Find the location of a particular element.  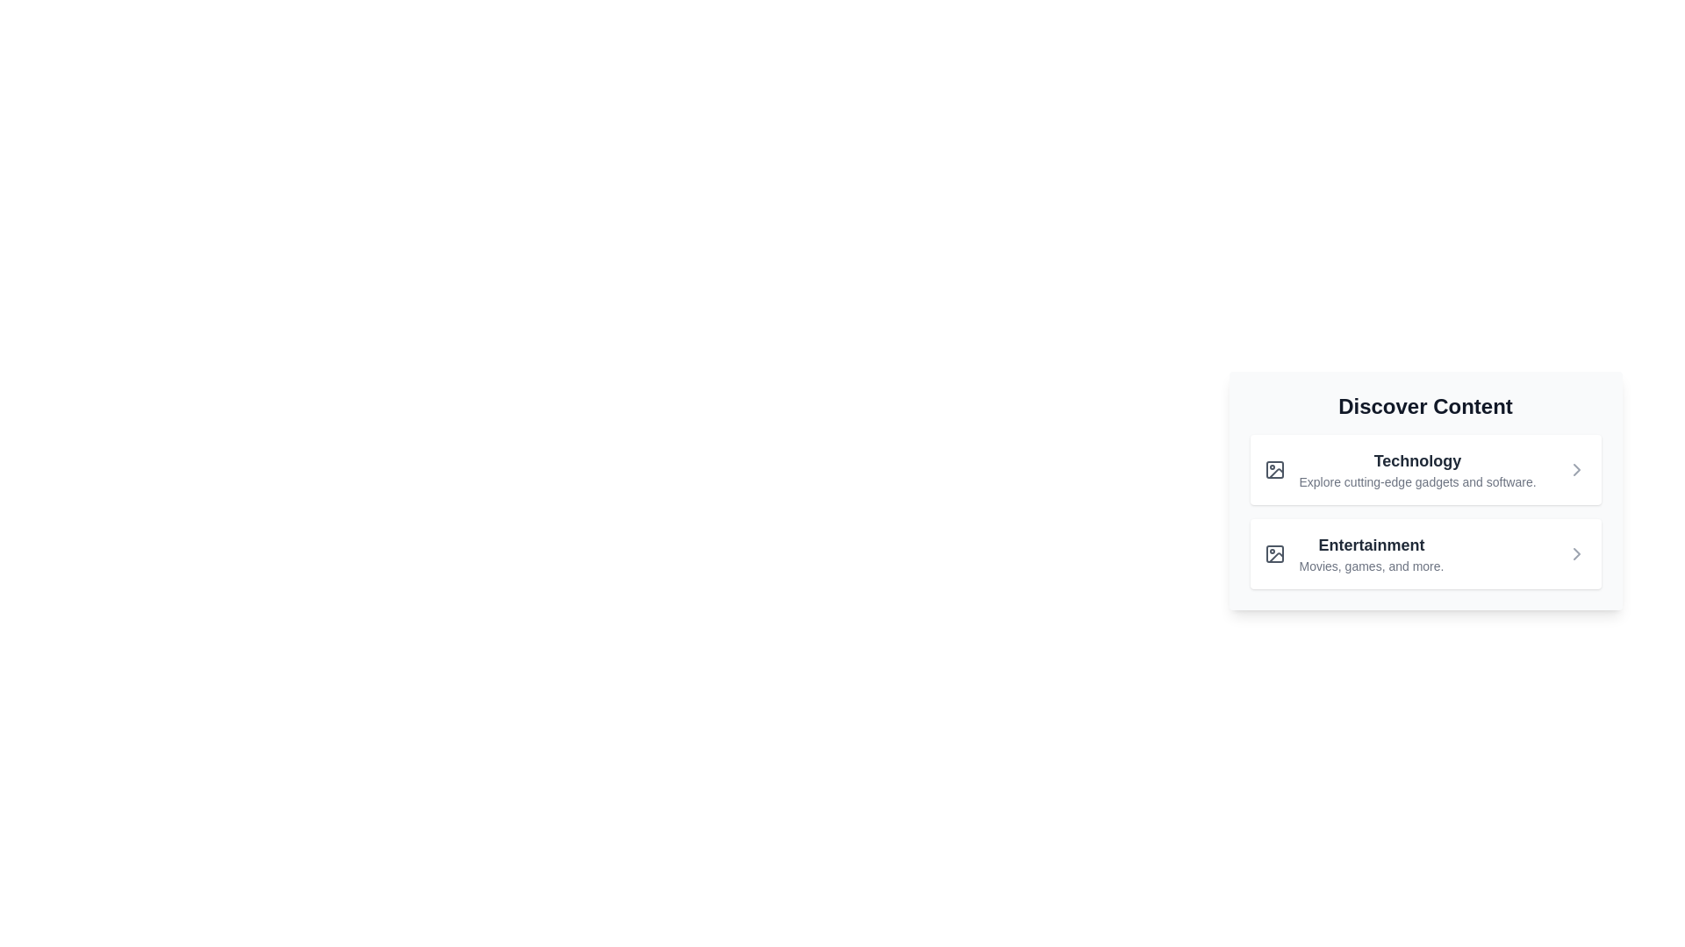

the text label providing supplementary information about the 'Technology' topic, which is located beneath the 'Technology' header in the structured card interface is located at coordinates (1417, 482).